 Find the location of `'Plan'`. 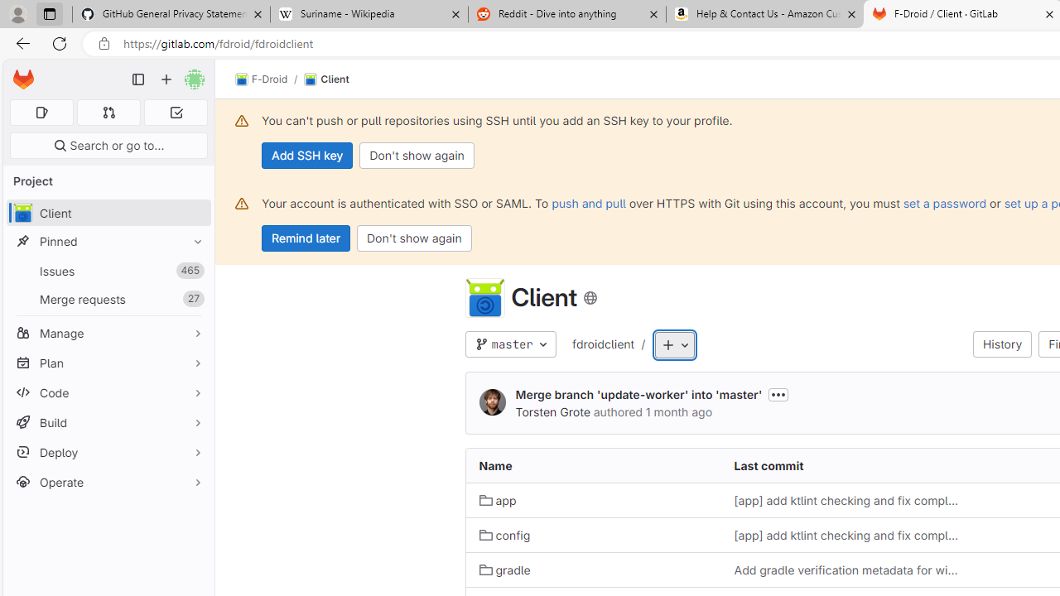

'Plan' is located at coordinates (108, 362).